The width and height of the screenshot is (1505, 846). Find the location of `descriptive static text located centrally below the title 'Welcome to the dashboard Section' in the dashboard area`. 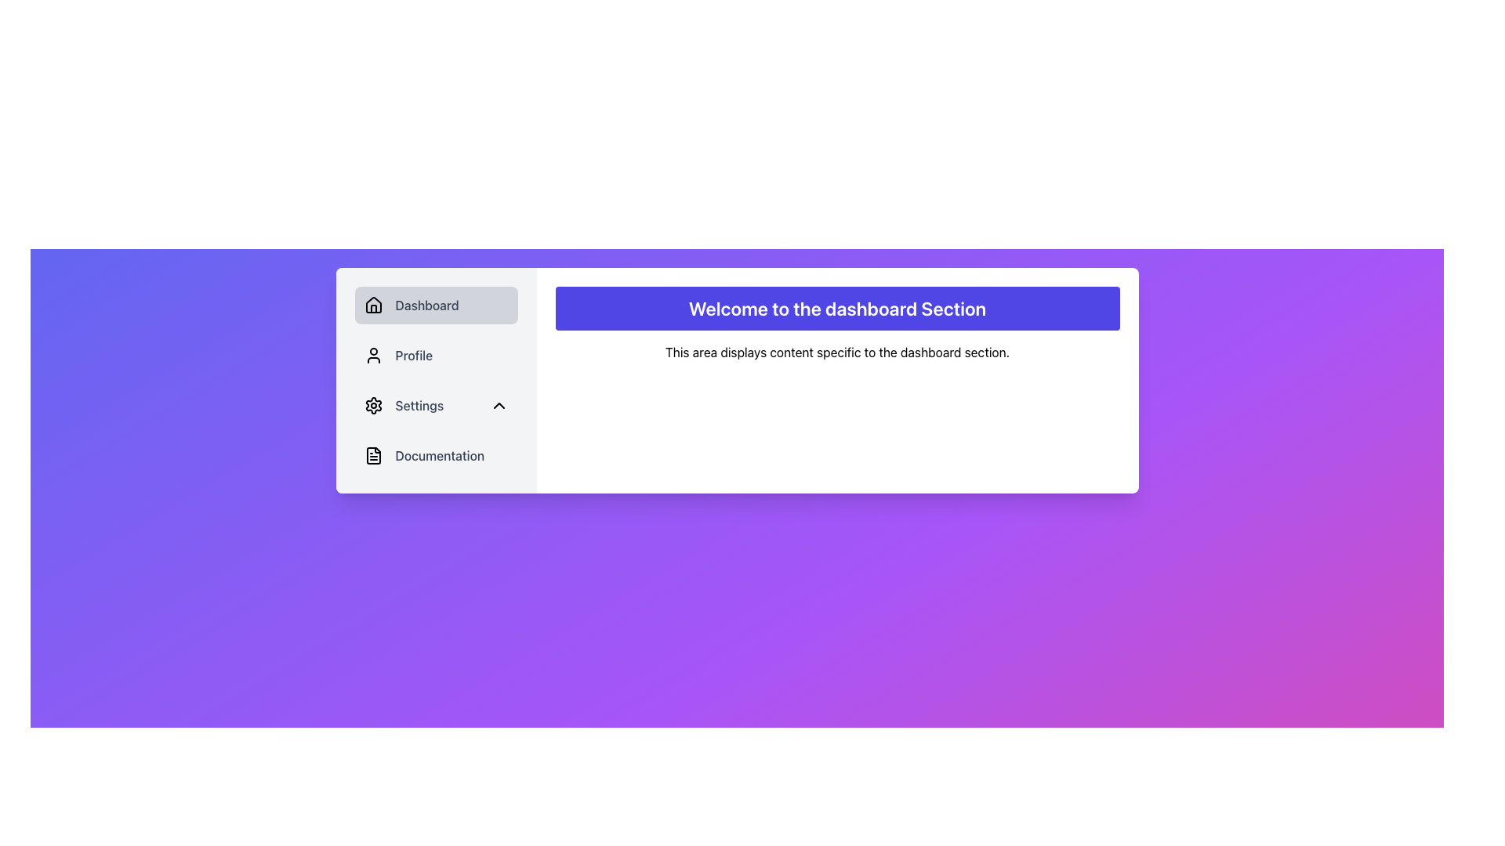

descriptive static text located centrally below the title 'Welcome to the dashboard Section' in the dashboard area is located at coordinates (836, 352).